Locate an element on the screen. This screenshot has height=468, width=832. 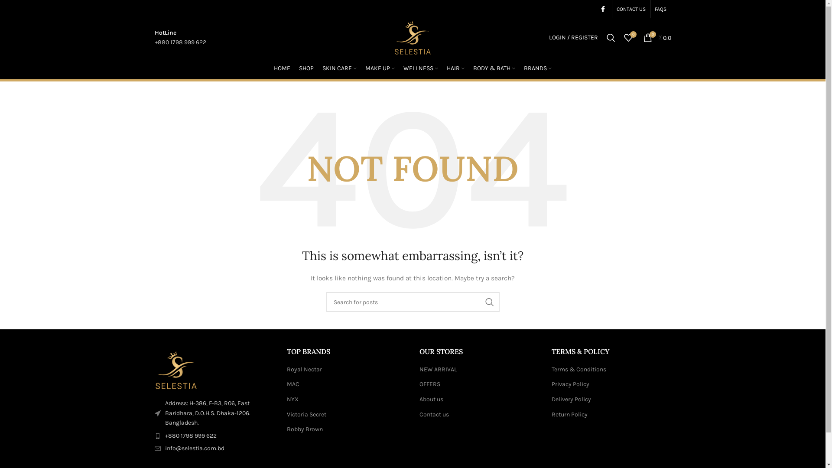
'BRANDS' is located at coordinates (537, 68).